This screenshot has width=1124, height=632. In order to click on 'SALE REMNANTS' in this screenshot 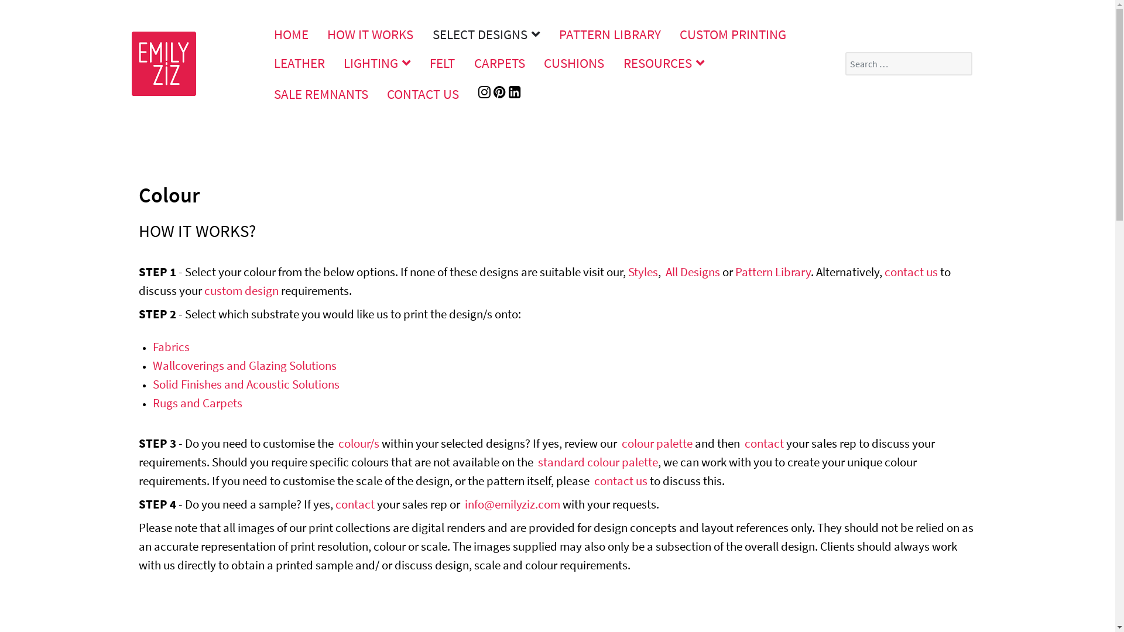, I will do `click(321, 93)`.